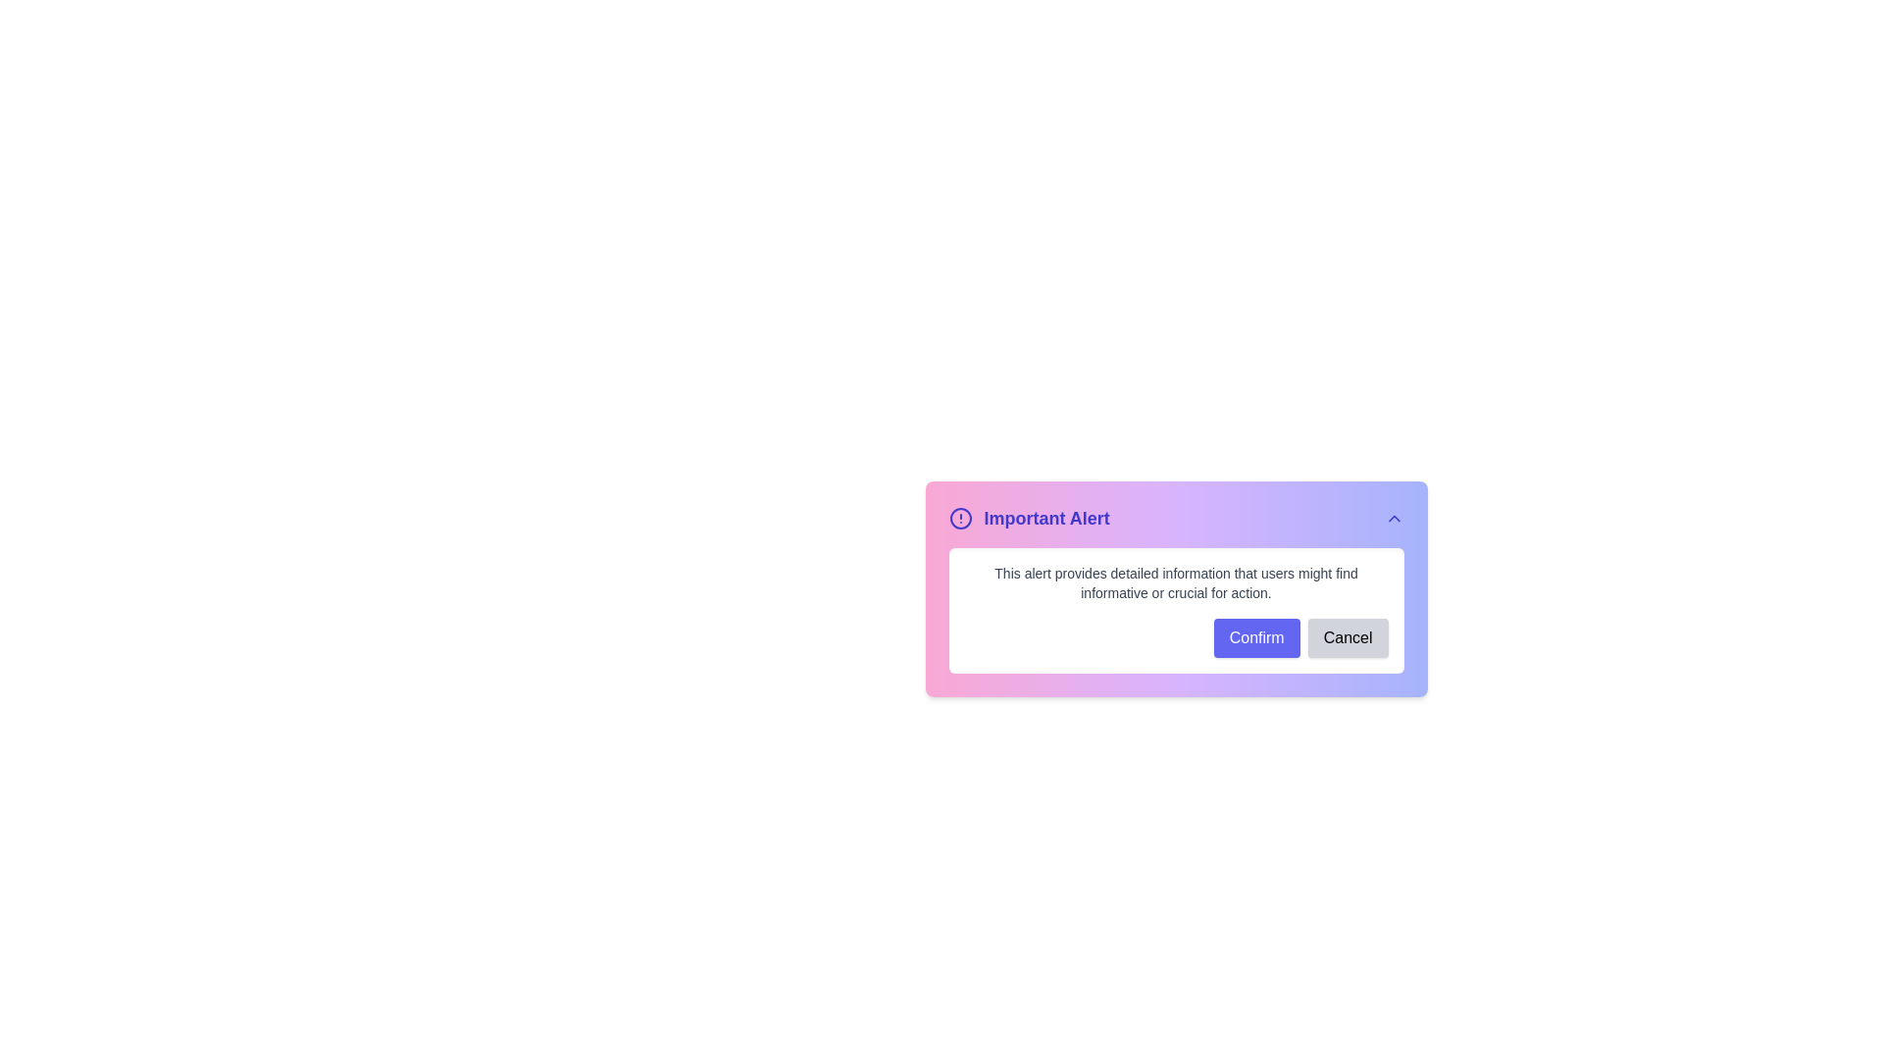 The width and height of the screenshot is (1883, 1059). Describe the element at coordinates (1256, 638) in the screenshot. I see `the Confirm button to confirm the action` at that location.